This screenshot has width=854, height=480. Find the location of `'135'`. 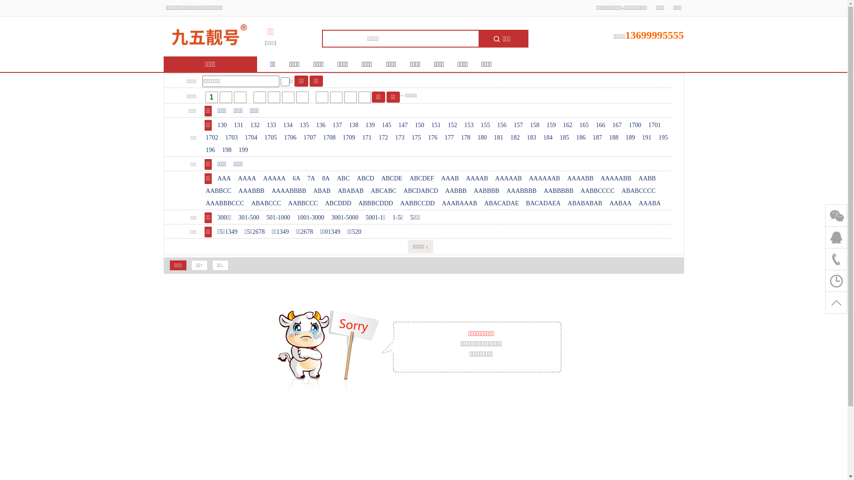

'135' is located at coordinates (304, 125).